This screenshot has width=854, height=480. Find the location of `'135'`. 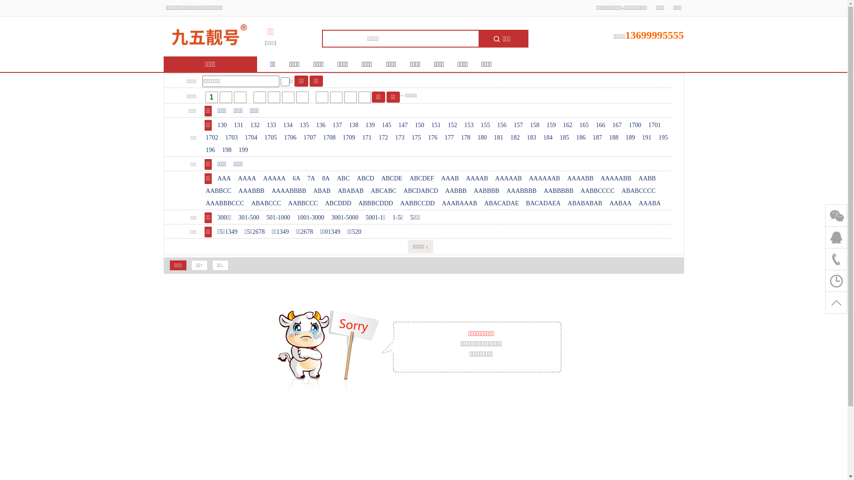

'135' is located at coordinates (304, 125).